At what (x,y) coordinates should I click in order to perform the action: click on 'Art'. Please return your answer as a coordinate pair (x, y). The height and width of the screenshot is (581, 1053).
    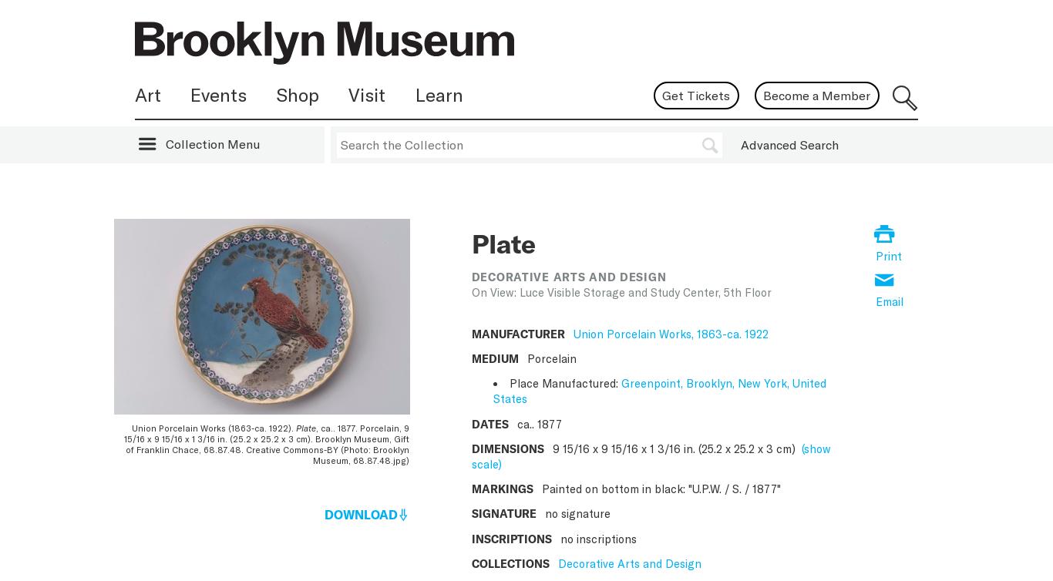
    Looking at the image, I should click on (147, 93).